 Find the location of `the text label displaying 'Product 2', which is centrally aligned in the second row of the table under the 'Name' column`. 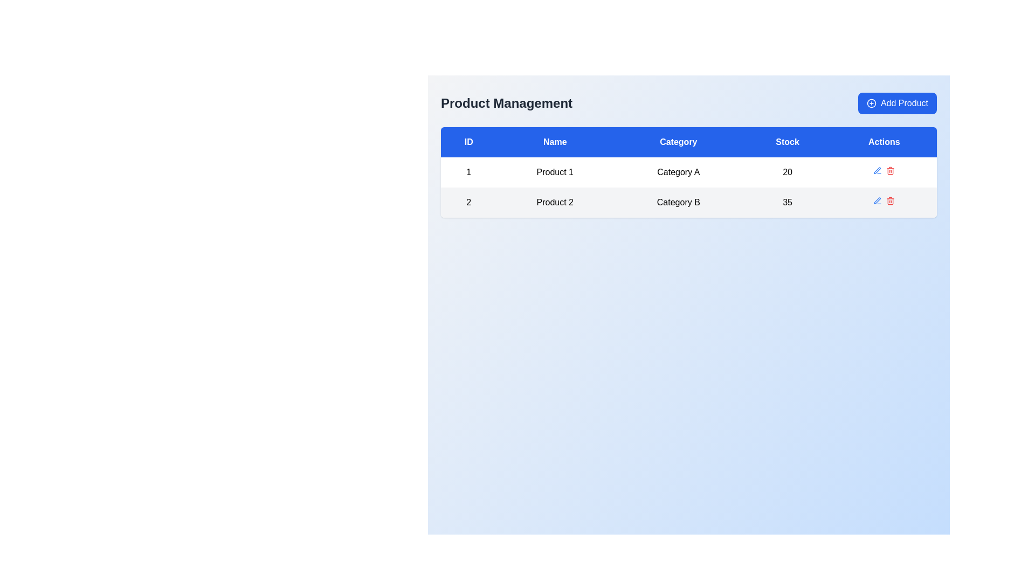

the text label displaying 'Product 2', which is centrally aligned in the second row of the table under the 'Name' column is located at coordinates (555, 202).